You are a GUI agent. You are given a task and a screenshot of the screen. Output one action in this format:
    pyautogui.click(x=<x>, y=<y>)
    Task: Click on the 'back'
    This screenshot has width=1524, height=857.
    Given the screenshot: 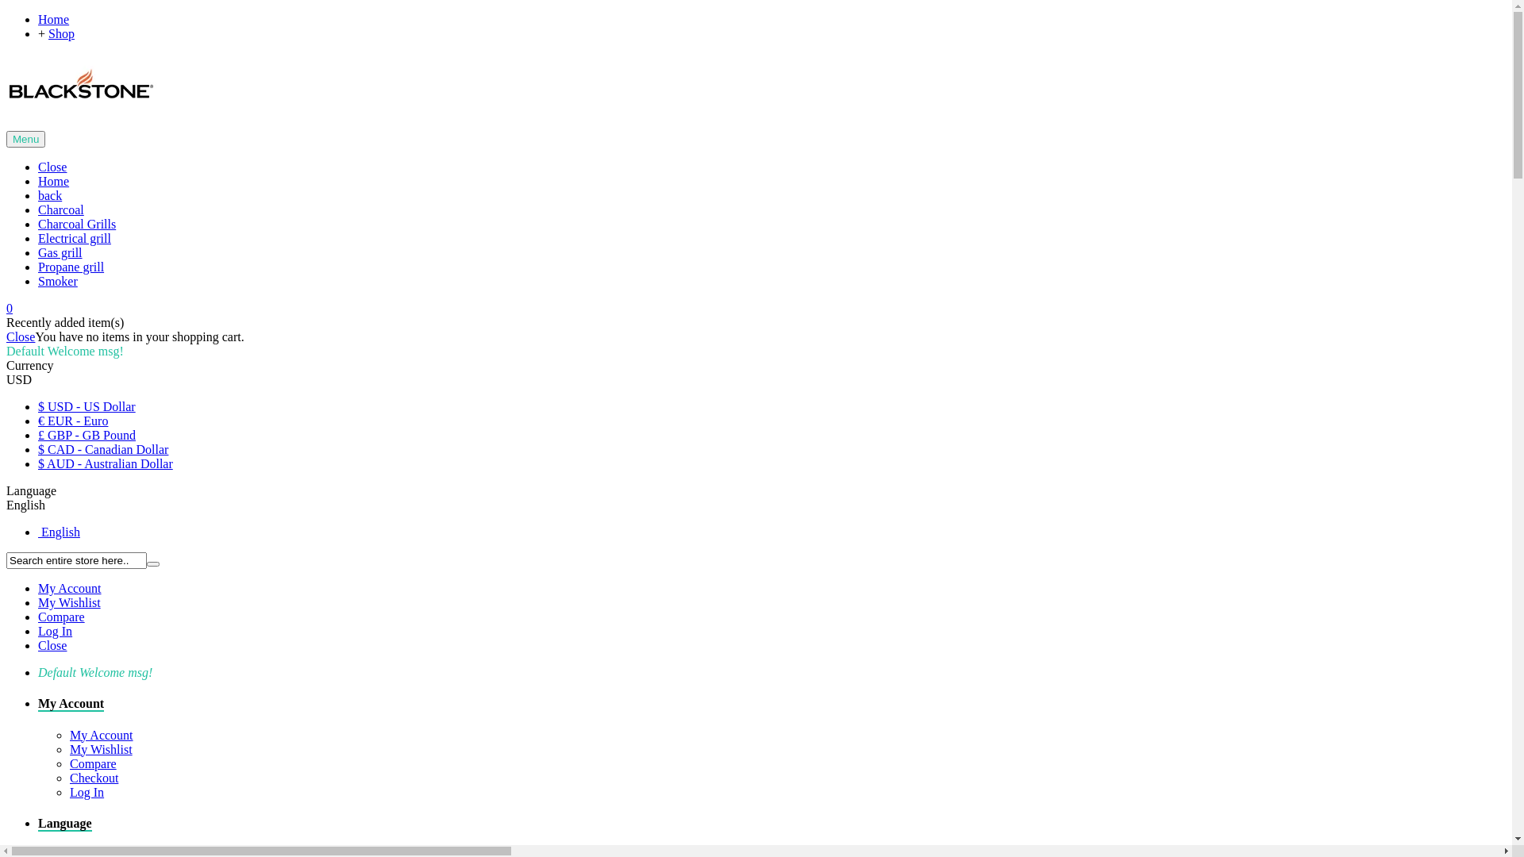 What is the action you would take?
    pyautogui.click(x=49, y=194)
    